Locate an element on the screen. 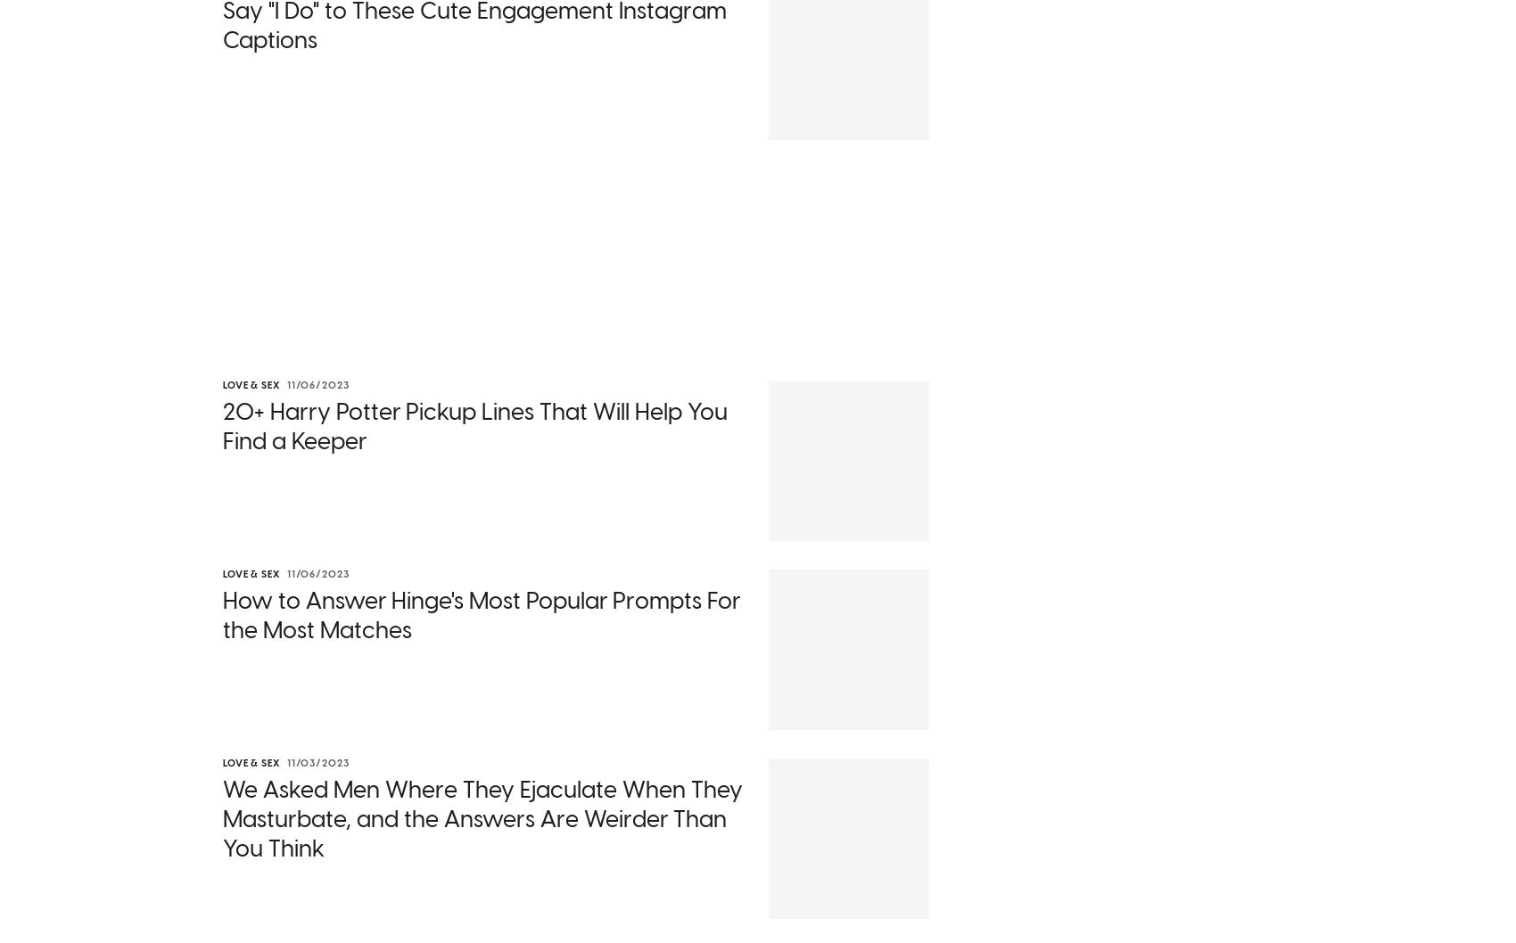 This screenshot has width=1516, height=943. 'Daycare or Nanny? Experts Share the Pros and Cons of Each' is located at coordinates (350, 371).